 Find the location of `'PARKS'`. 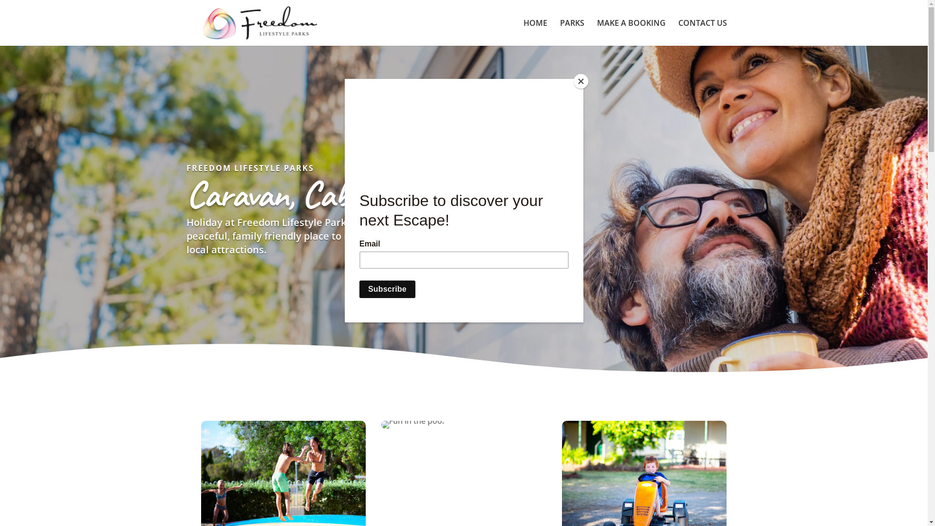

'PARKS' is located at coordinates (560, 32).